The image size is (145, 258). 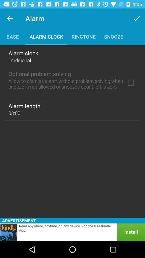 What do you see at coordinates (73, 232) in the screenshot?
I see `icon below advertisement` at bounding box center [73, 232].